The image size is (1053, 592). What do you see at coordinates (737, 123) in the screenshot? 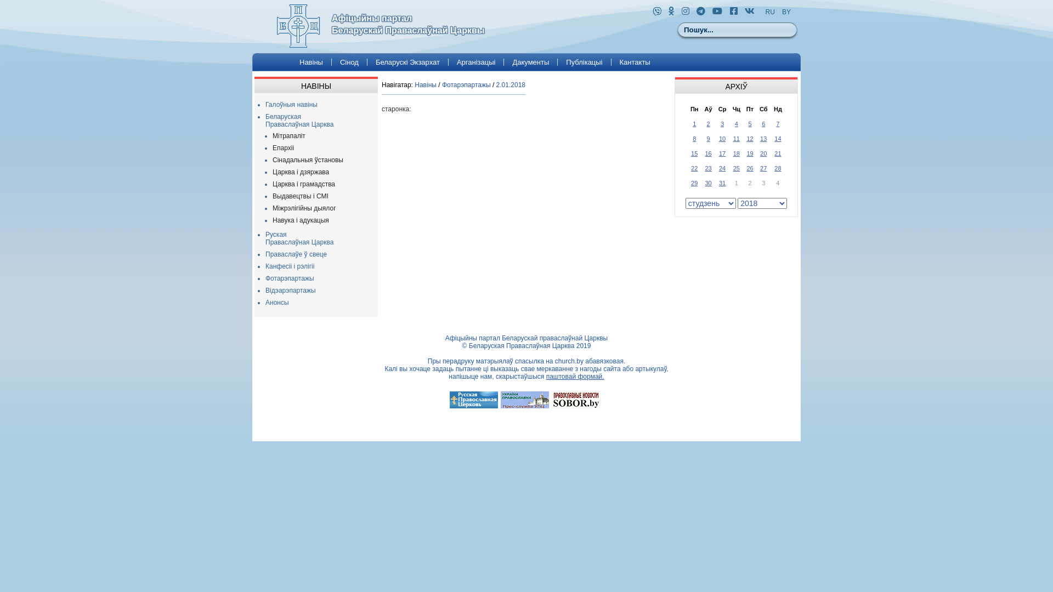
I see `'4'` at bounding box center [737, 123].